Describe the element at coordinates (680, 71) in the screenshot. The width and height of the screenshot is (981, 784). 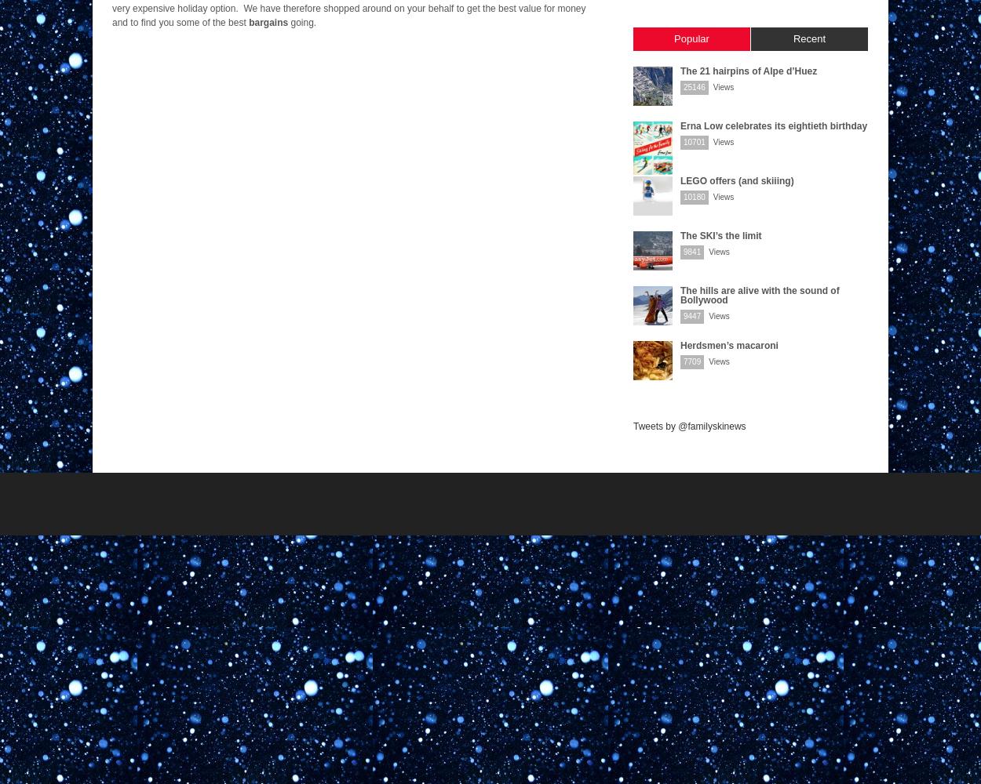
I see `'The 21 hairpins of Alpe d’Huez'` at that location.